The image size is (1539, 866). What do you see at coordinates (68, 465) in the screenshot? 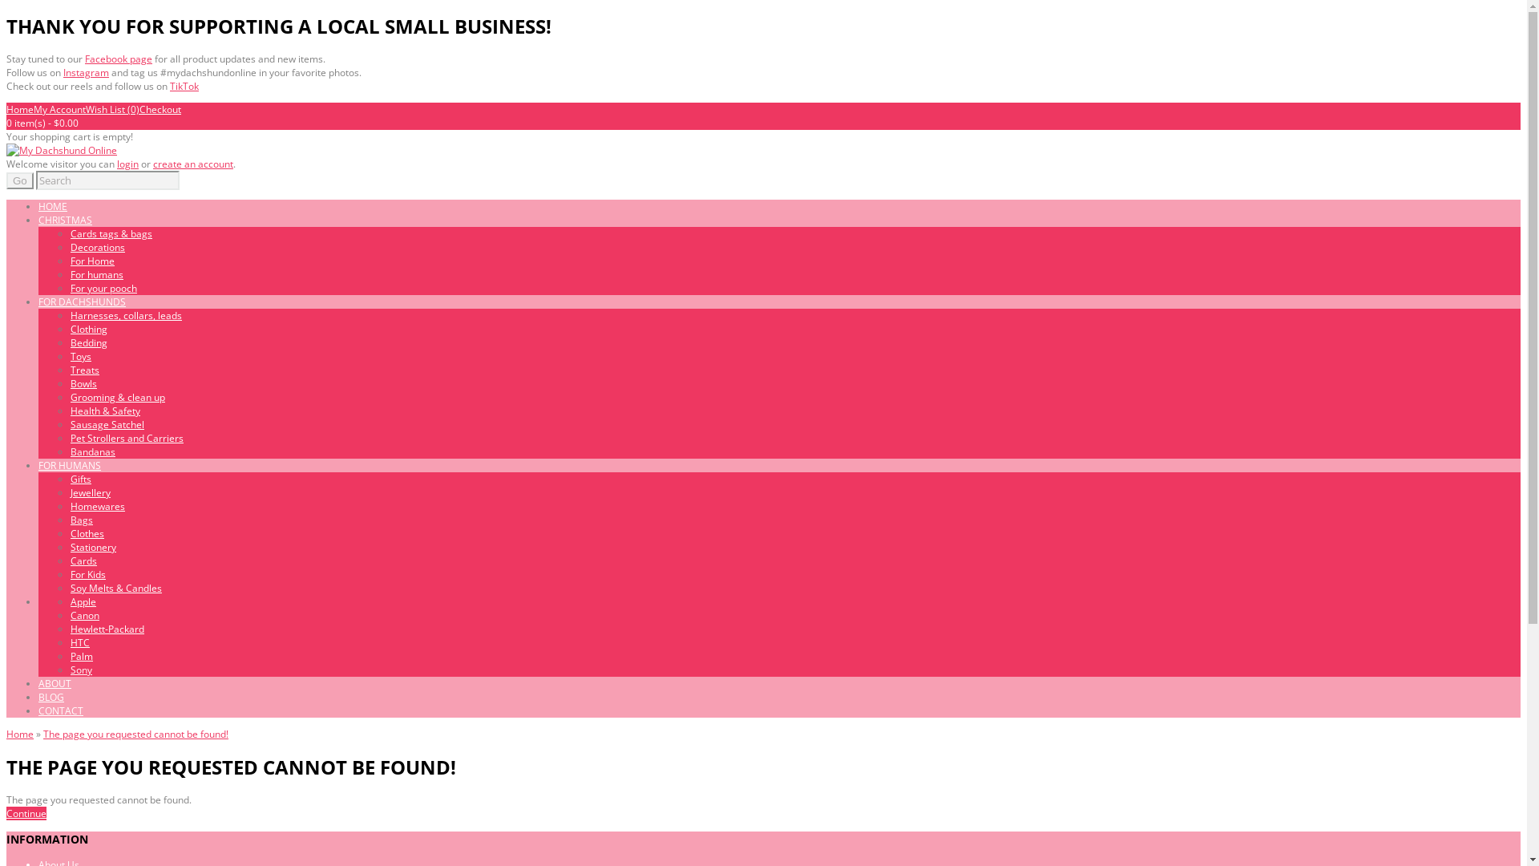
I see `'FOR HUMANS'` at bounding box center [68, 465].